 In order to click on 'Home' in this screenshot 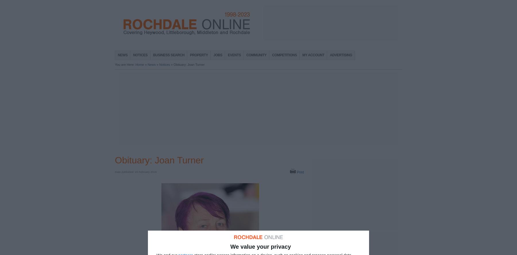, I will do `click(135, 65)`.